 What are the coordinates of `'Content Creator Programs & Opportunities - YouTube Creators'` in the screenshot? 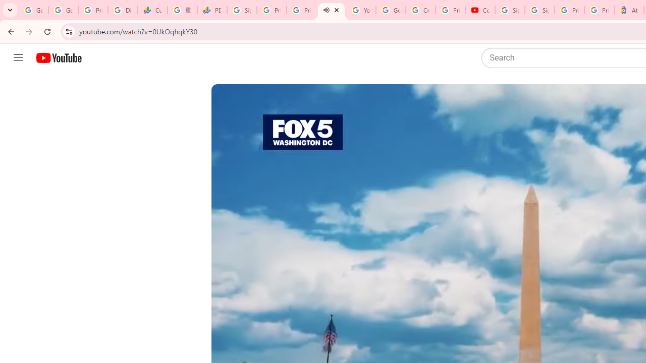 It's located at (479, 10).